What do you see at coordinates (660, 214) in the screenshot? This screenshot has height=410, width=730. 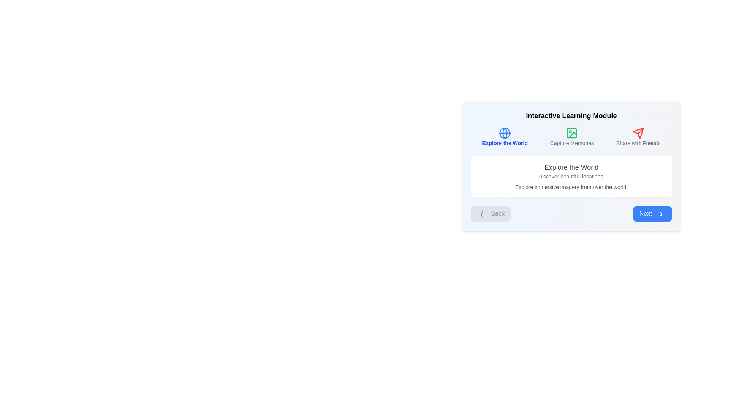 I see `the right-pointing arrow icon (chevron) located to the right of the 'Next' button` at bounding box center [660, 214].